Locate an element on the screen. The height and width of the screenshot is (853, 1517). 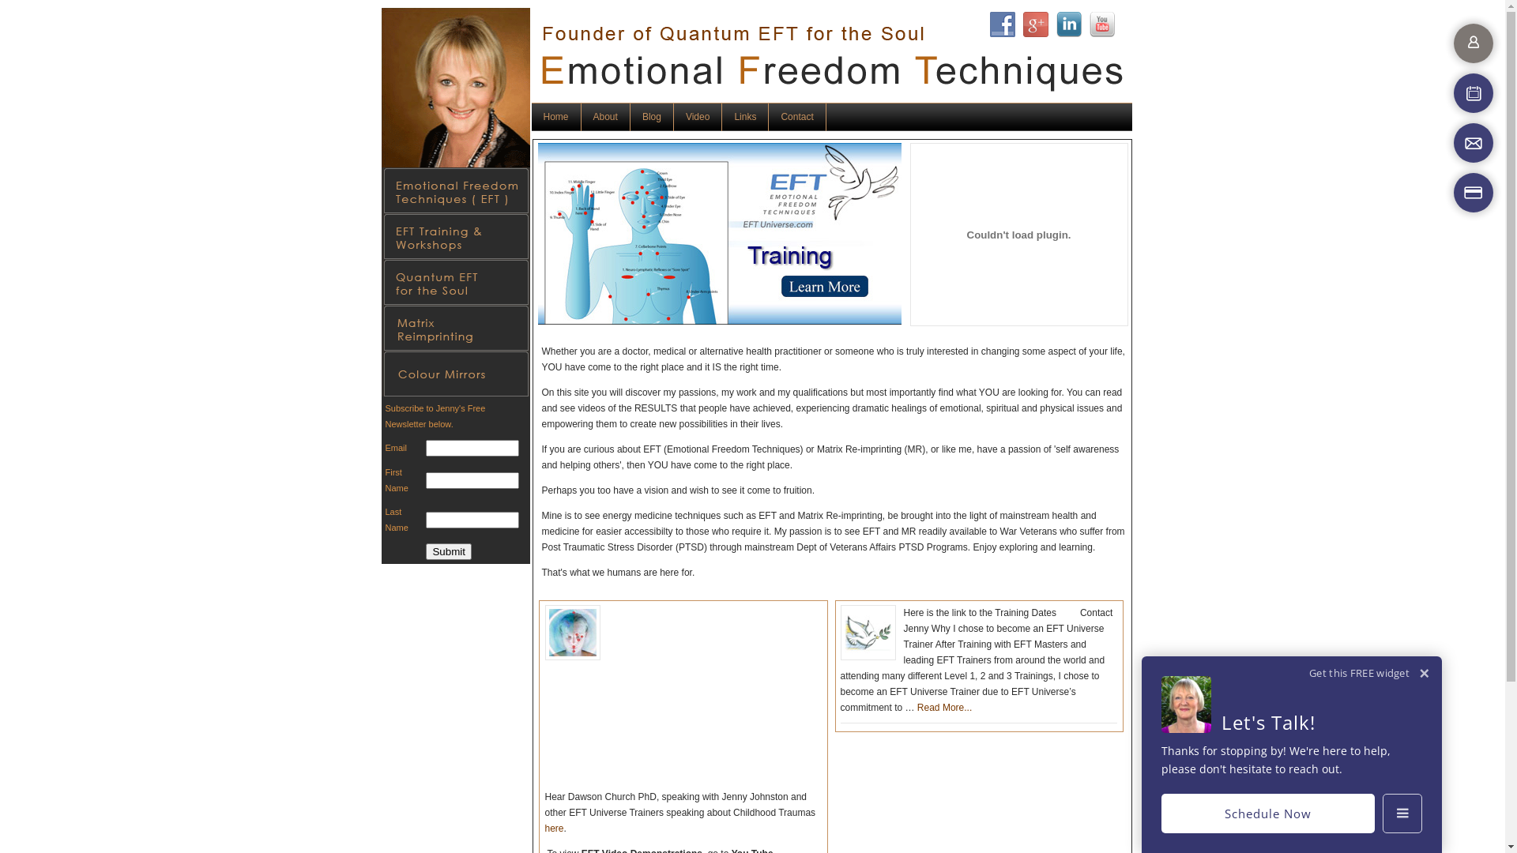
' Google+' is located at coordinates (1035, 24).